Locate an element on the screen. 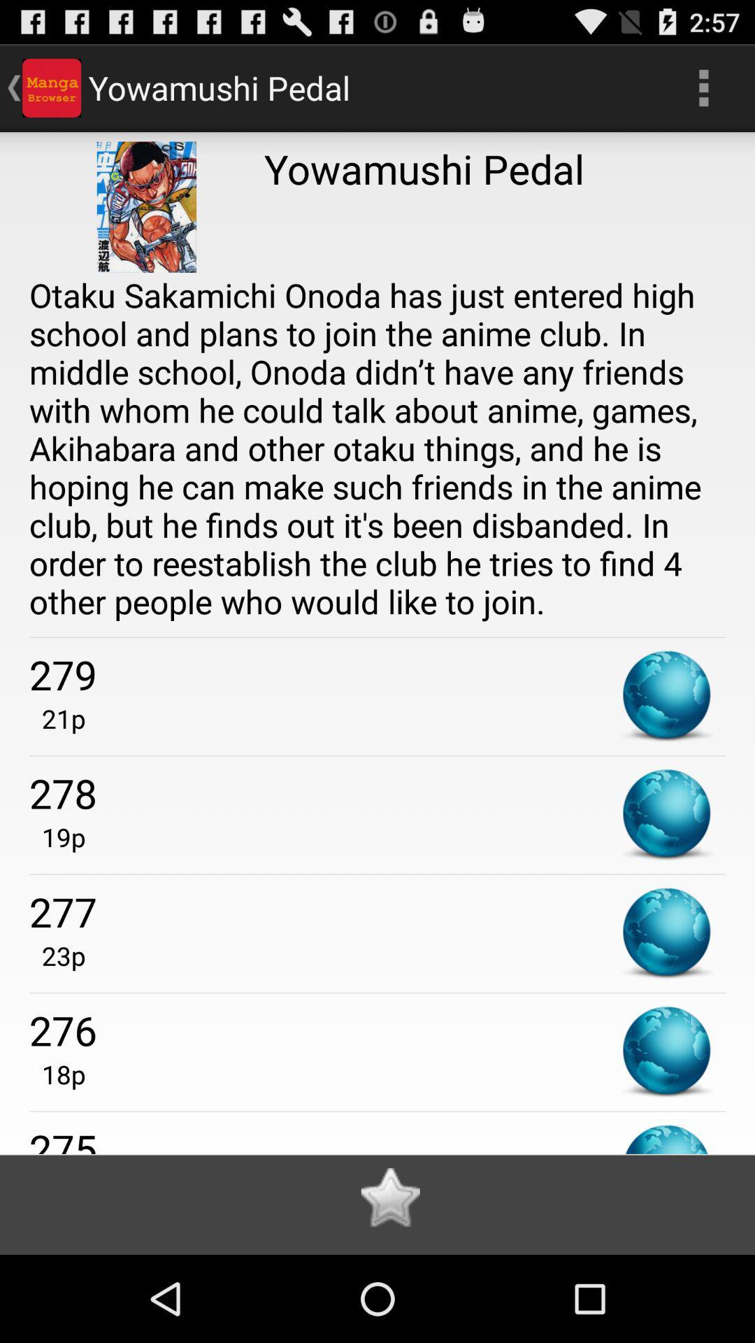 Image resolution: width=755 pixels, height=1343 pixels. the app above the   23p app is located at coordinates (377, 911).